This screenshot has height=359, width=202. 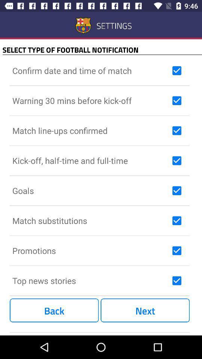 I want to click on back at the bottom left corner, so click(x=54, y=310).